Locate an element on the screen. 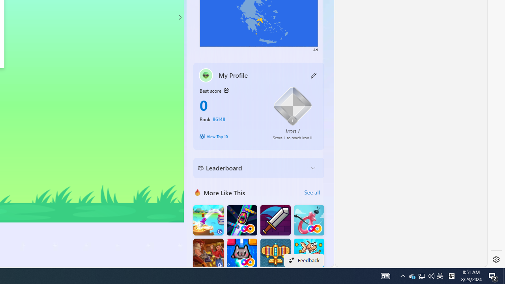 The height and width of the screenshot is (284, 505). 'Class: control' is located at coordinates (179, 17).